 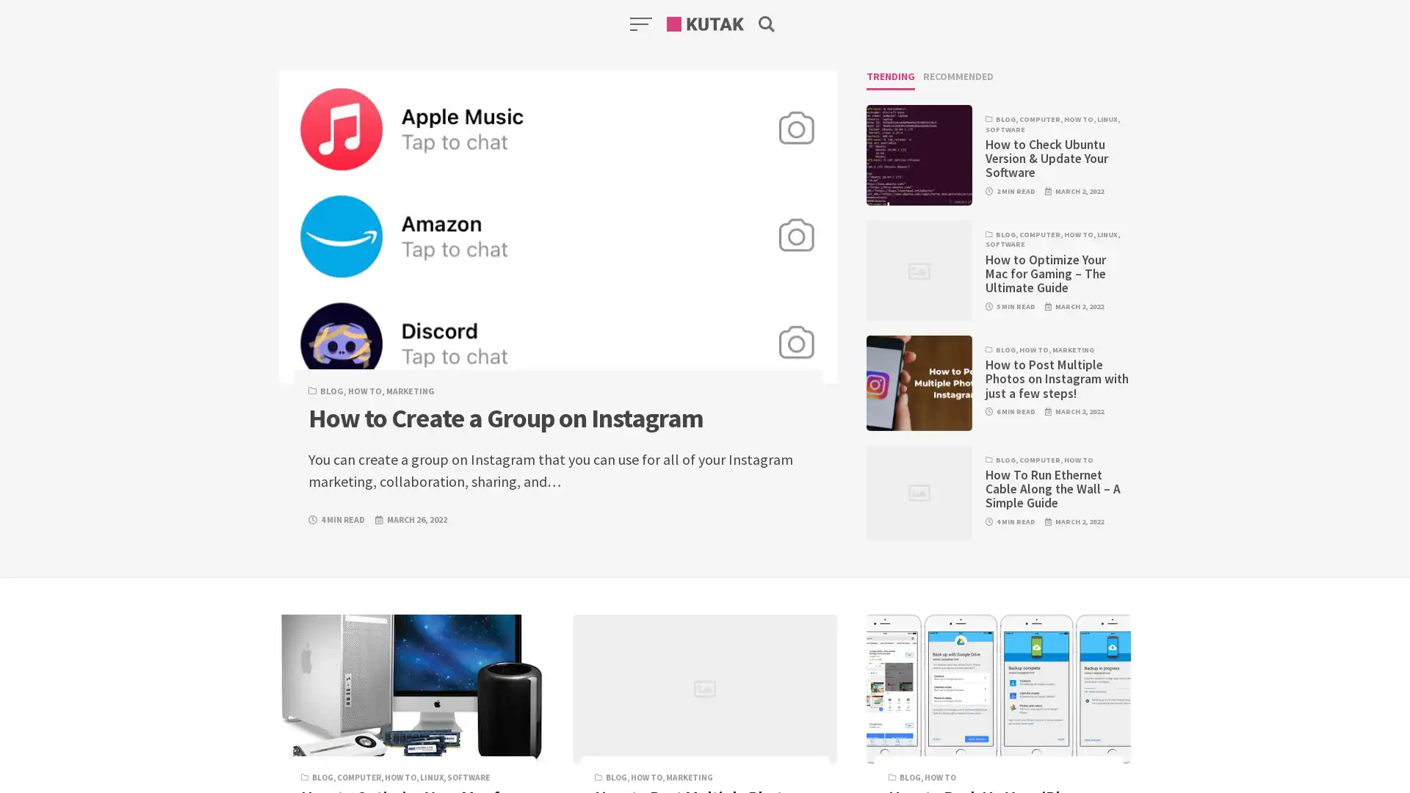 I want to click on TRENDING, so click(x=890, y=79).